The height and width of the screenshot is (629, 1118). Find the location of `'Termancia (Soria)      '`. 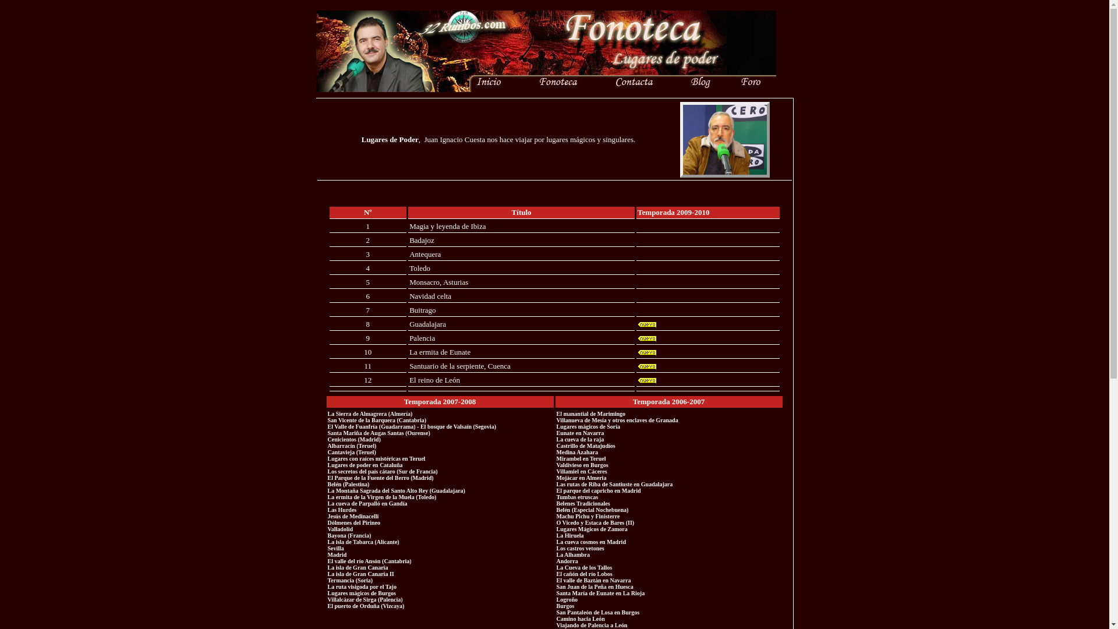

'Termancia (Soria)      ' is located at coordinates (353, 580).